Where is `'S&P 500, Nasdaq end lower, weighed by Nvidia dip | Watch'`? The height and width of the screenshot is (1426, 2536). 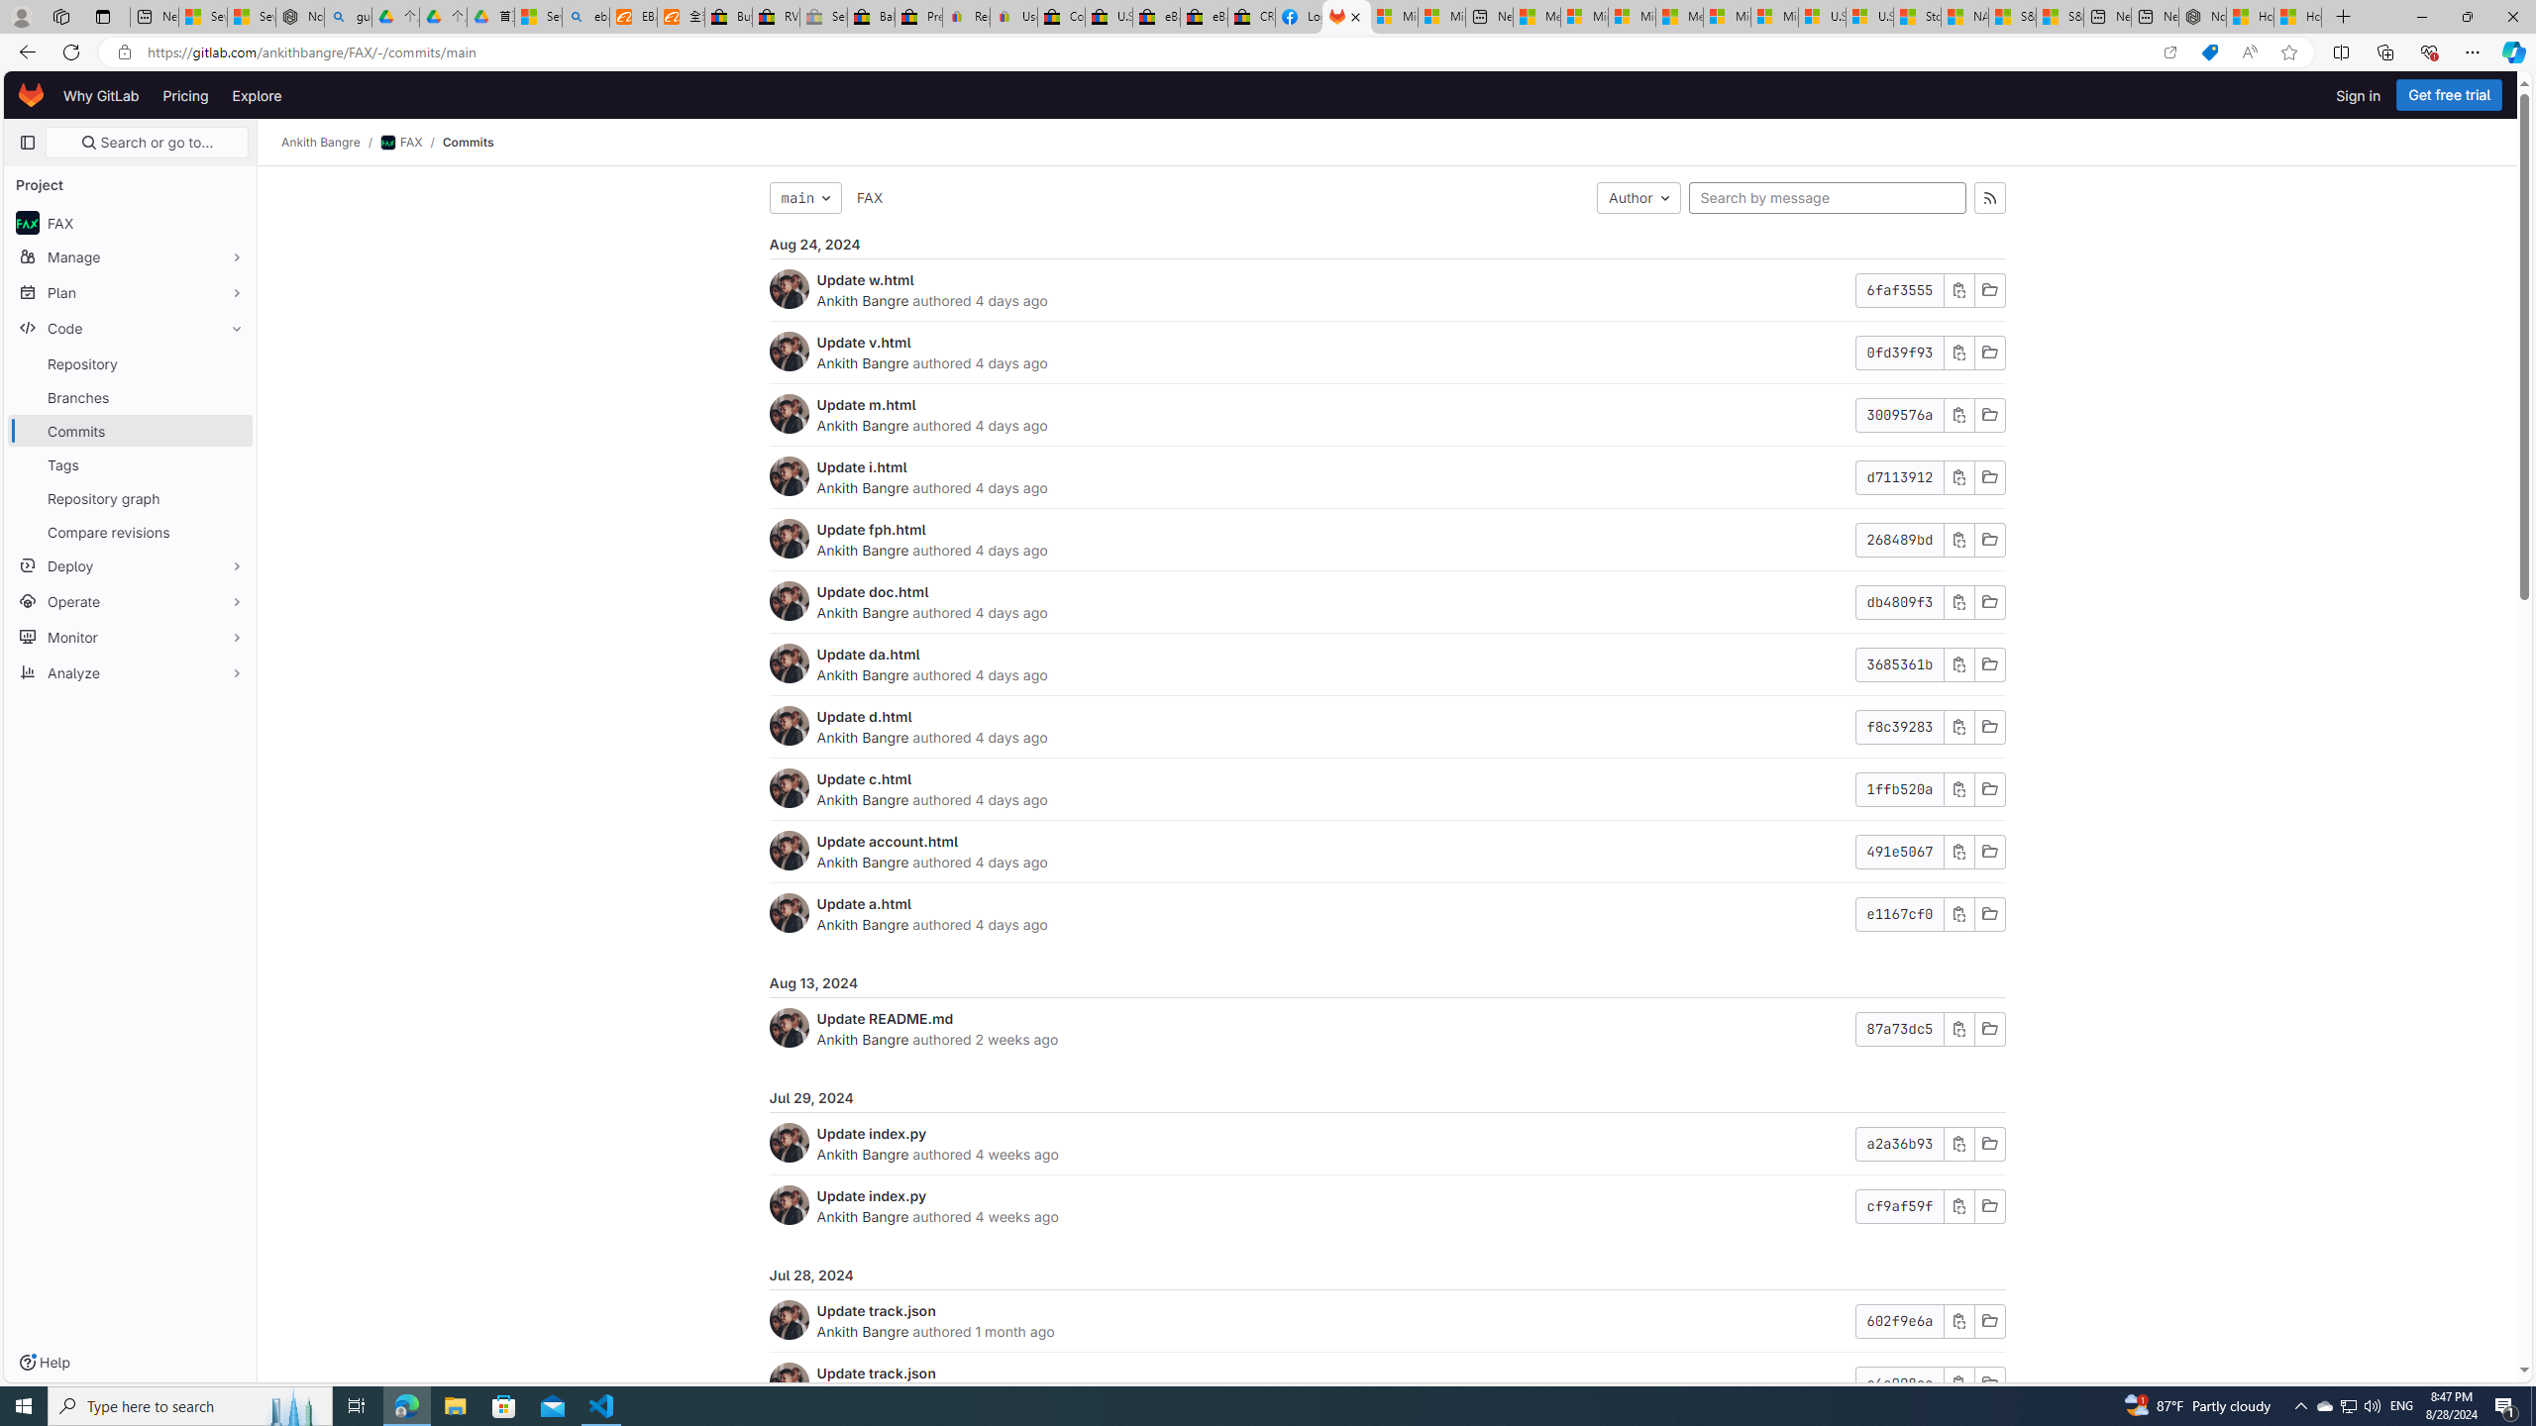 'S&P 500, Nasdaq end lower, weighed by Nvidia dip | Watch' is located at coordinates (2060, 16).